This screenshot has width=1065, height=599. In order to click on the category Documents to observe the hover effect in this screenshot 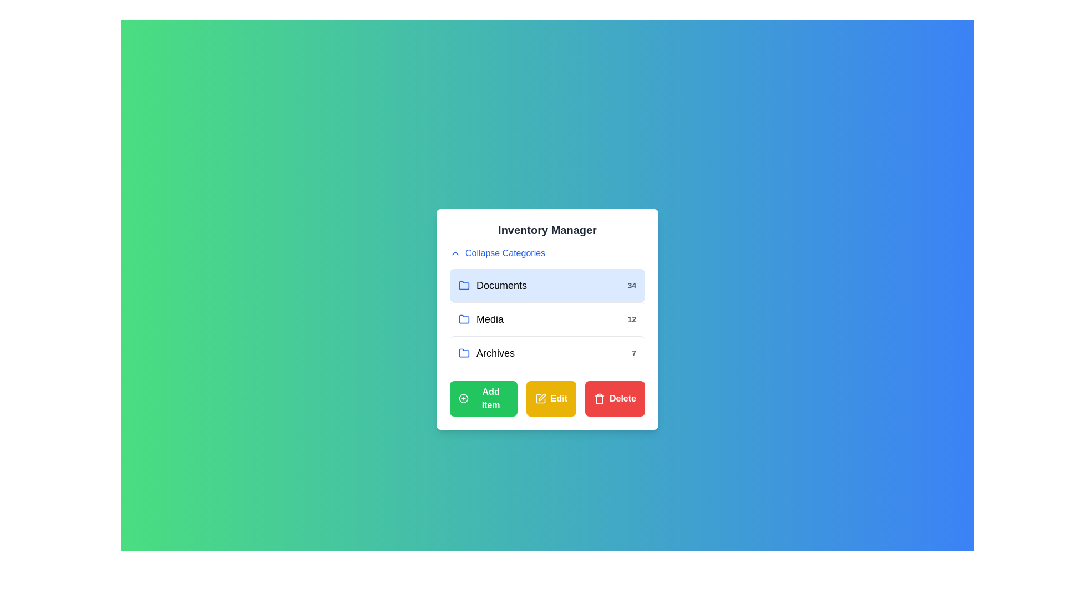, I will do `click(547, 285)`.